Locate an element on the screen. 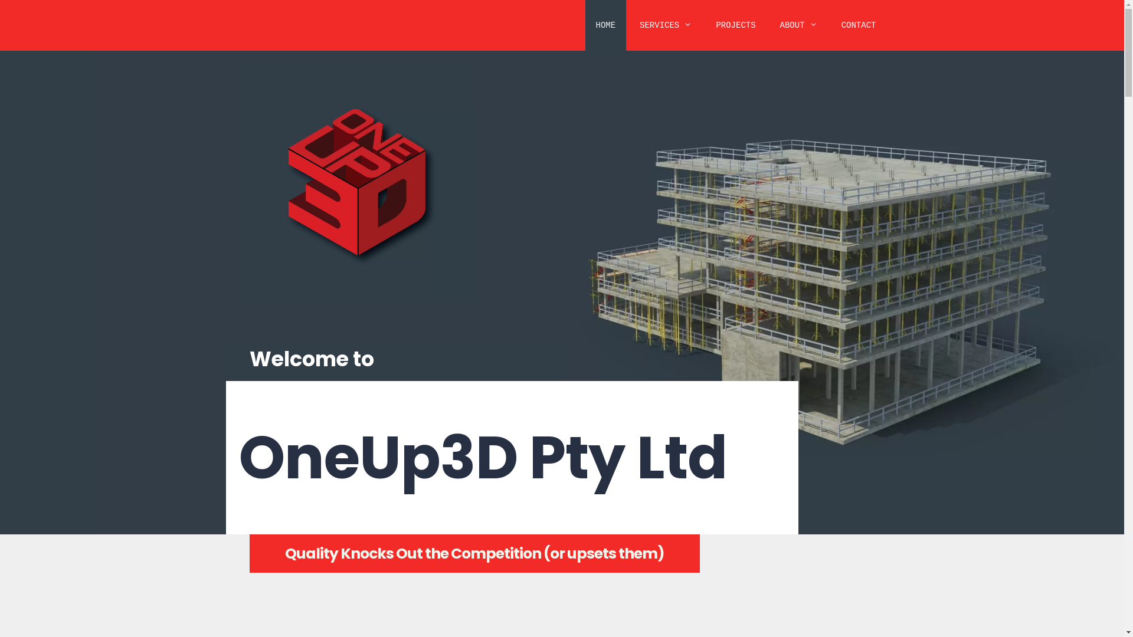 Image resolution: width=1133 pixels, height=637 pixels. 'CONTACT' is located at coordinates (830, 25).